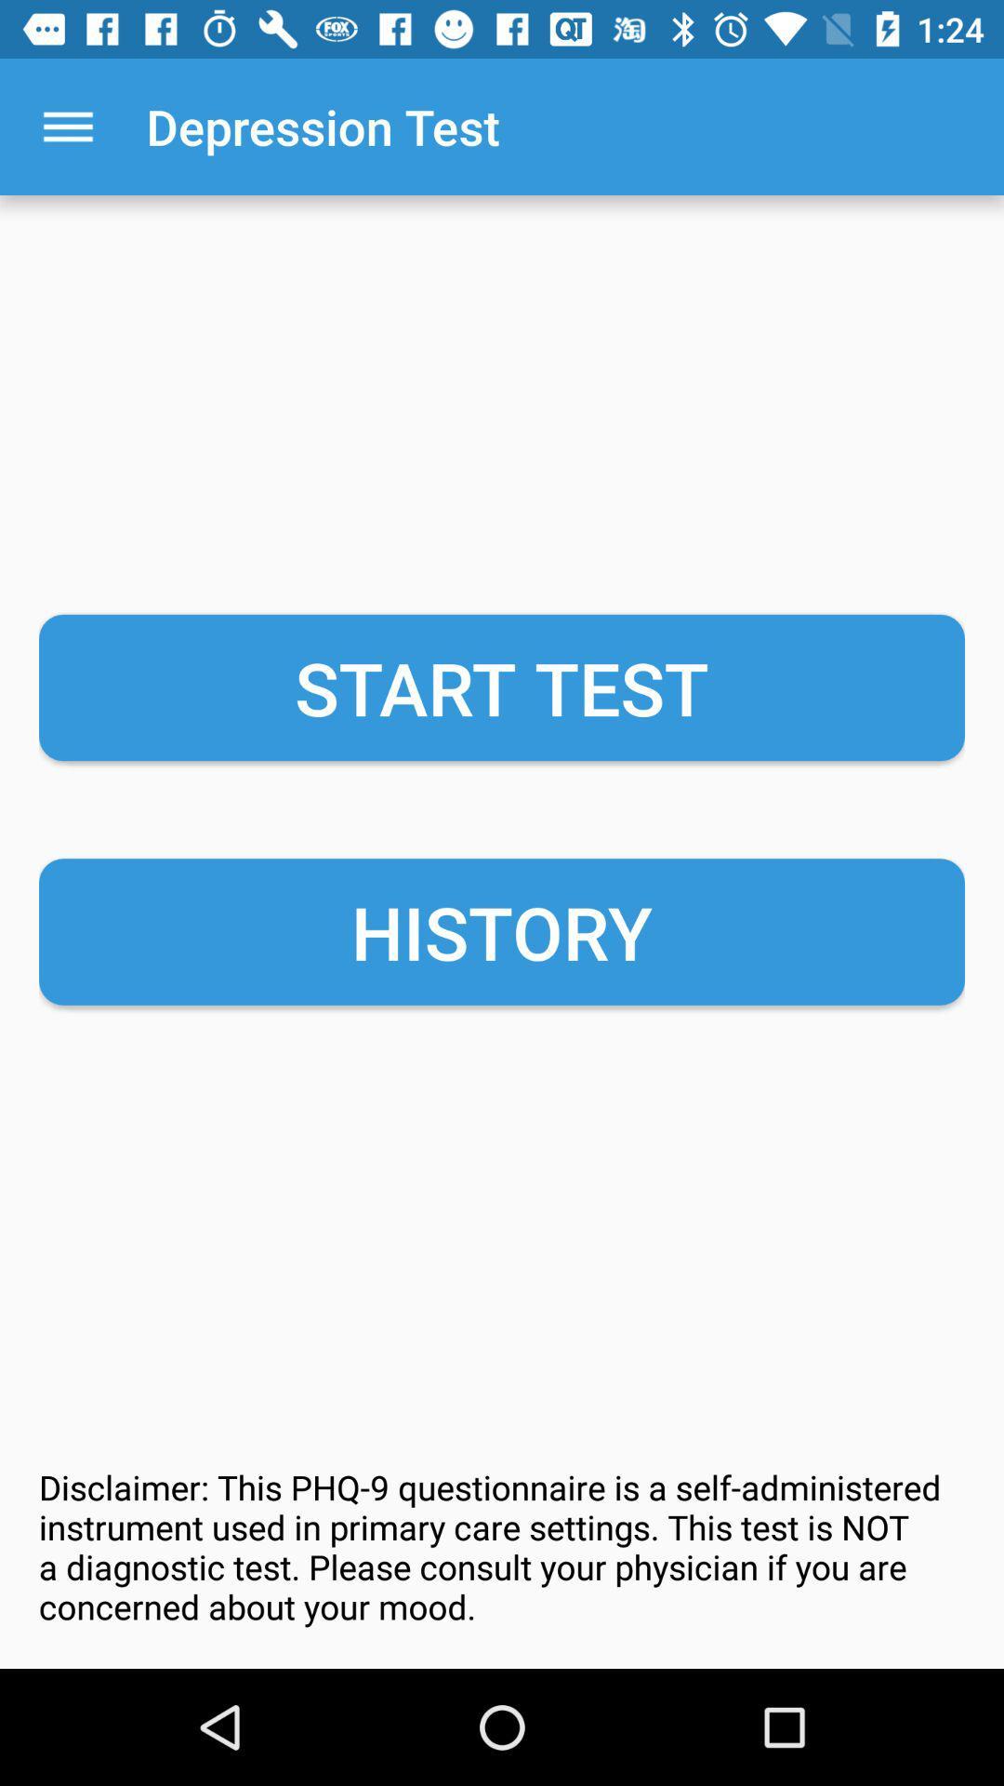  Describe the element at coordinates (502, 686) in the screenshot. I see `the start test` at that location.